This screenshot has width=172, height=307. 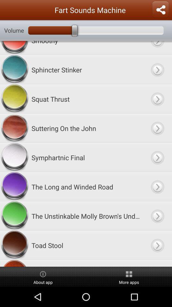 What do you see at coordinates (157, 70) in the screenshot?
I see `sphincter stinker` at bounding box center [157, 70].